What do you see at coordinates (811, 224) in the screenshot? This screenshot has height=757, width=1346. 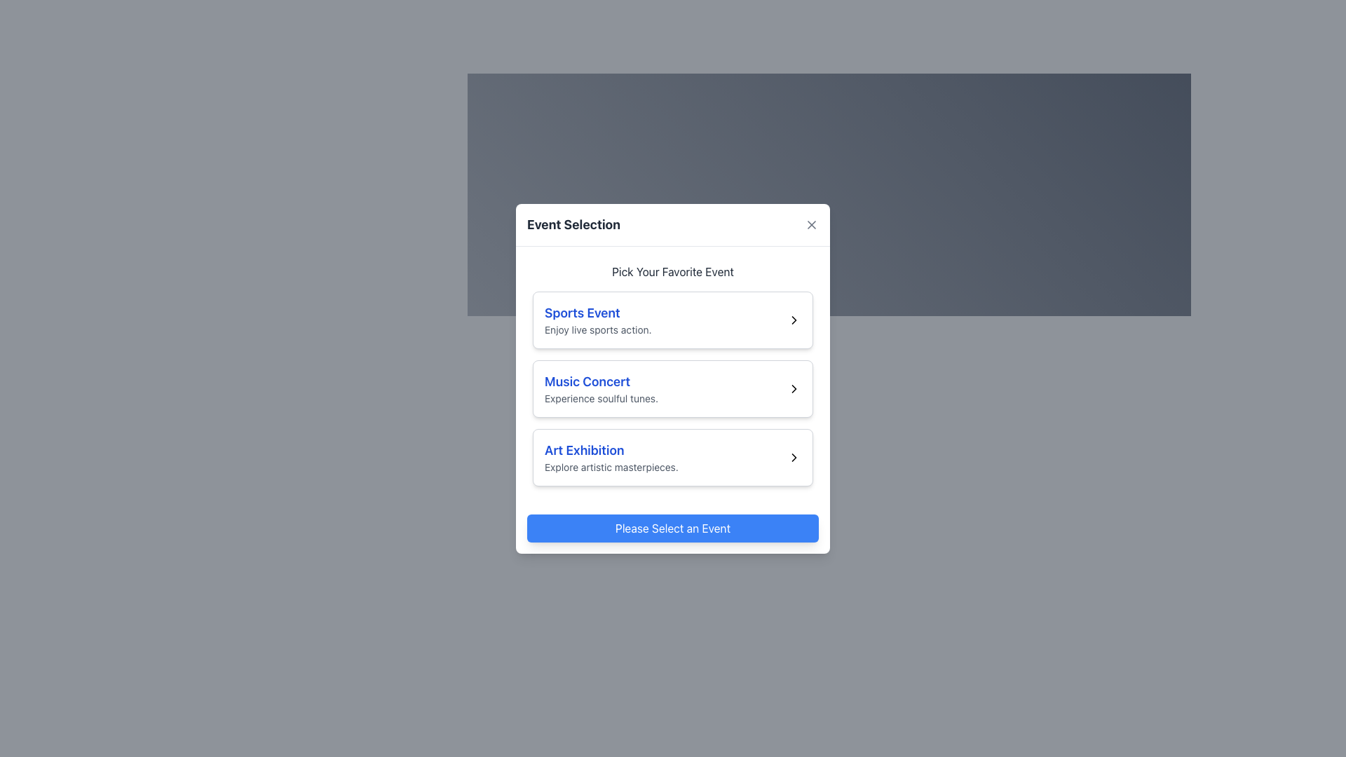 I see `the Close Icon located in the top-right corner of the modal, which serves as a button to close the modal` at bounding box center [811, 224].